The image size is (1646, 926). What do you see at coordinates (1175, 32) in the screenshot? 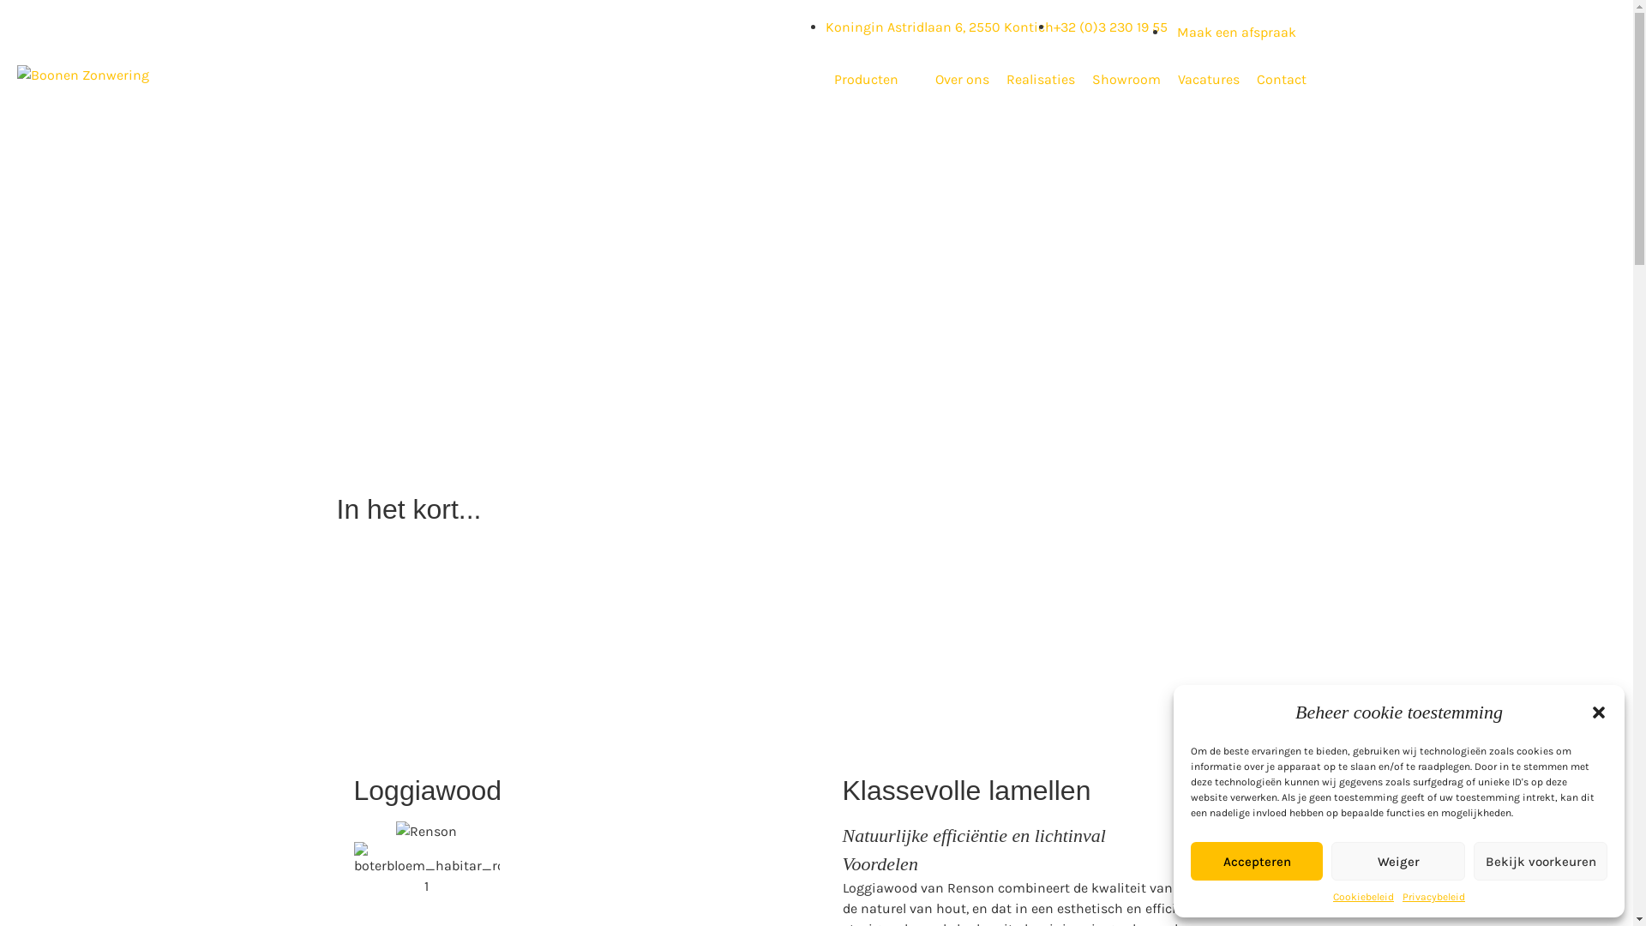
I see `'Maak een afspraak'` at bounding box center [1175, 32].